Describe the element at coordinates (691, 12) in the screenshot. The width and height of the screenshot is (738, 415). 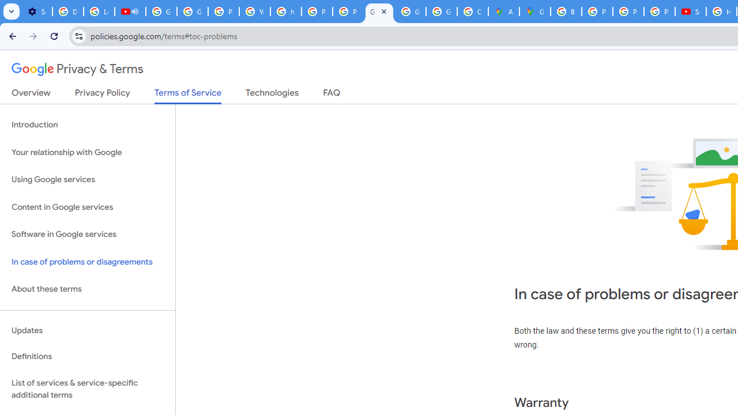
I see `'Subscriptions - YouTube'` at that location.